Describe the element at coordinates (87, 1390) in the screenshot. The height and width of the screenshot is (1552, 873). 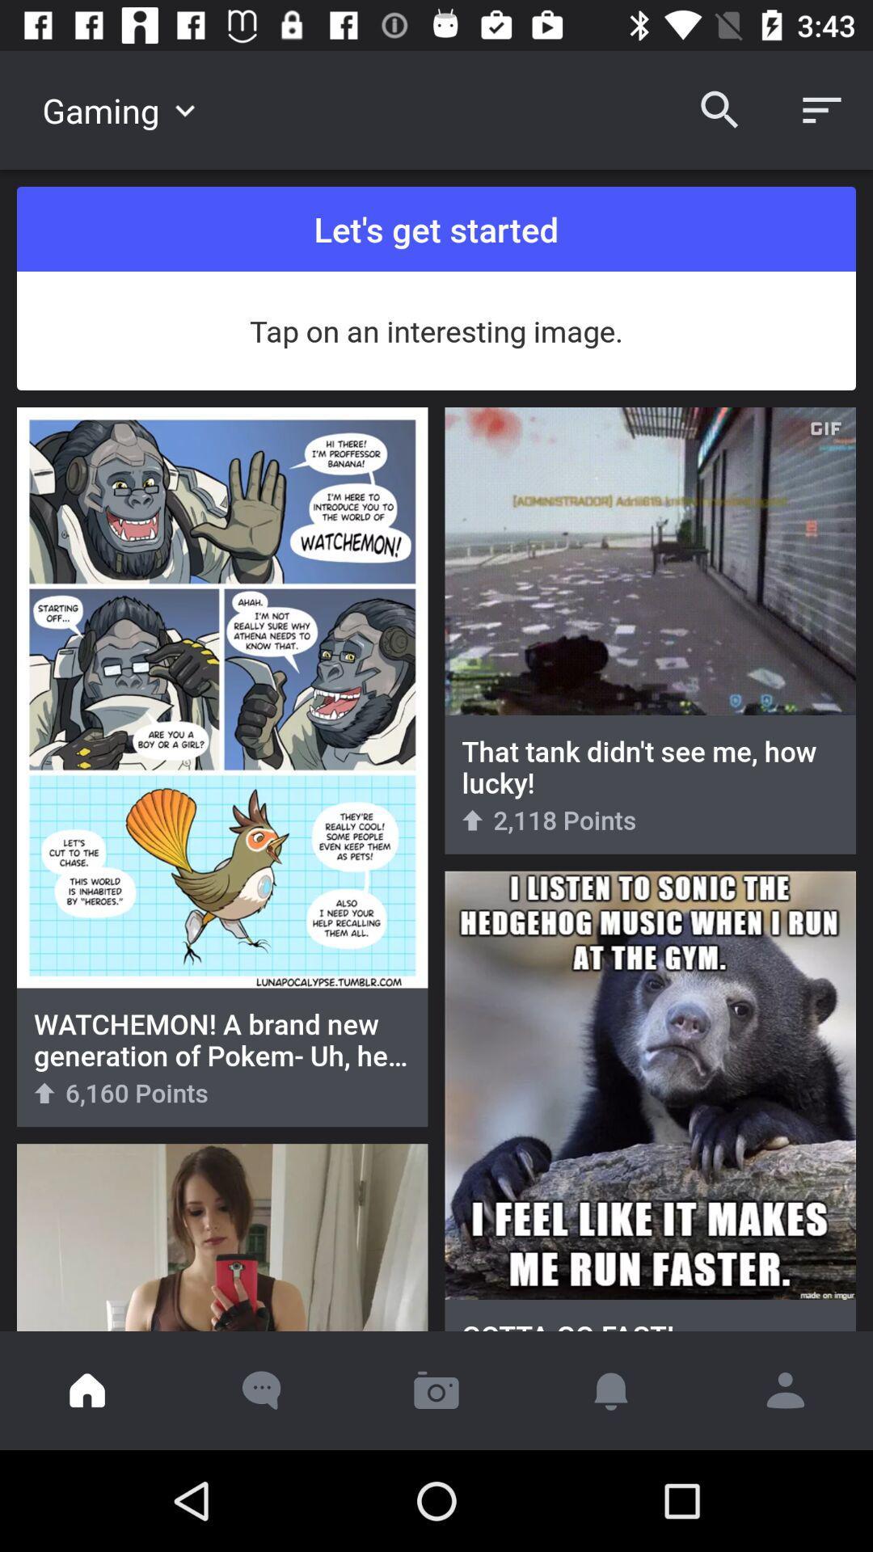
I see `the home icon` at that location.